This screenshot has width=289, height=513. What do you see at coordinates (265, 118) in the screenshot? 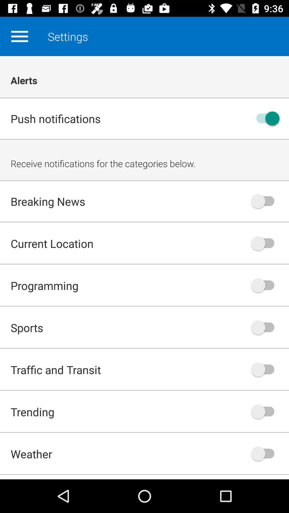
I see `push notifications` at bounding box center [265, 118].